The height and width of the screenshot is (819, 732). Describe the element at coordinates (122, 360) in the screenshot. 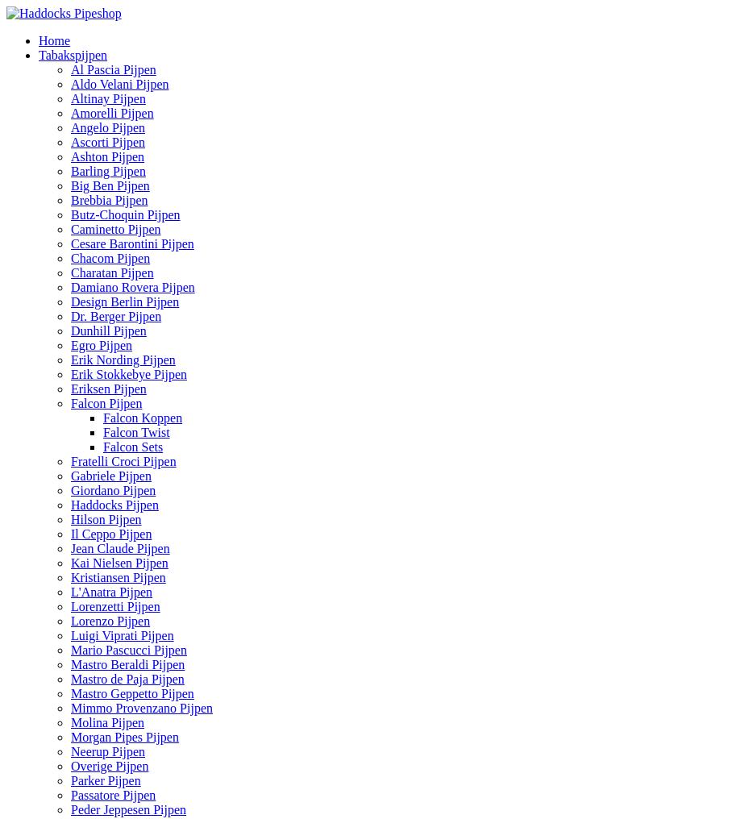

I see `'Erik Nording Pijpen'` at that location.